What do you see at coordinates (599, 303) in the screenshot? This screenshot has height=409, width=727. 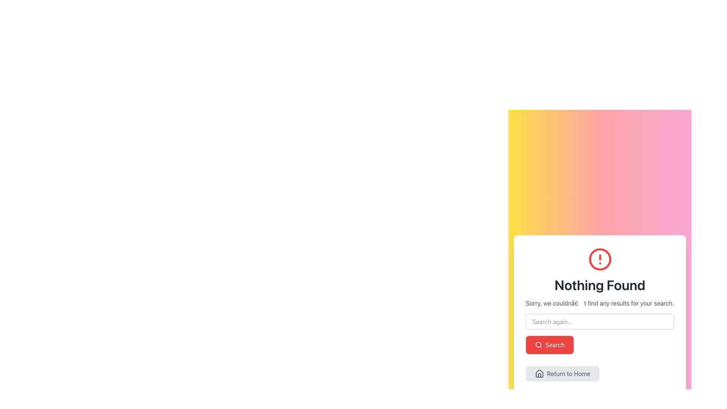 I see `text message saying 'Sorry, we couldn’t find any results for your search.' which is styled with a gray font and positioned below the title 'Nothing Found'` at bounding box center [599, 303].